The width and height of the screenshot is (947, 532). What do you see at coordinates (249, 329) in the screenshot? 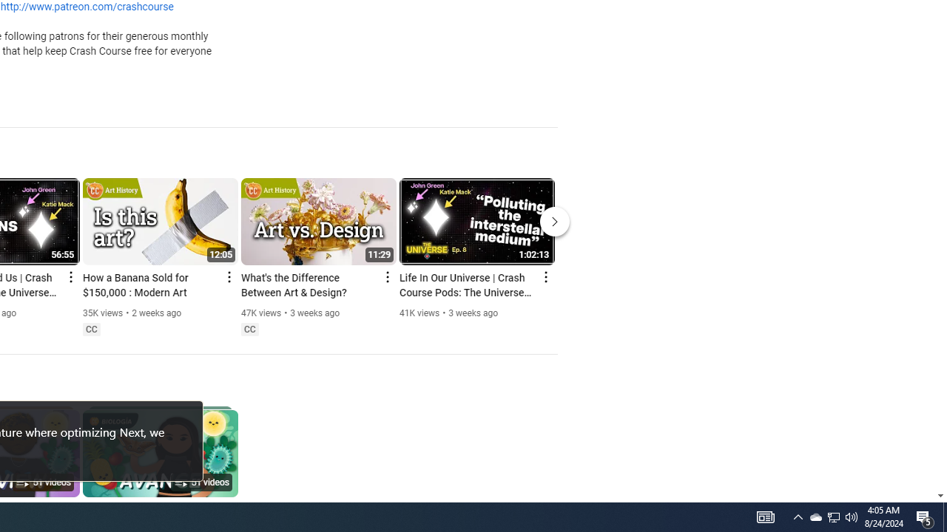
I see `'Closed captions'` at bounding box center [249, 329].